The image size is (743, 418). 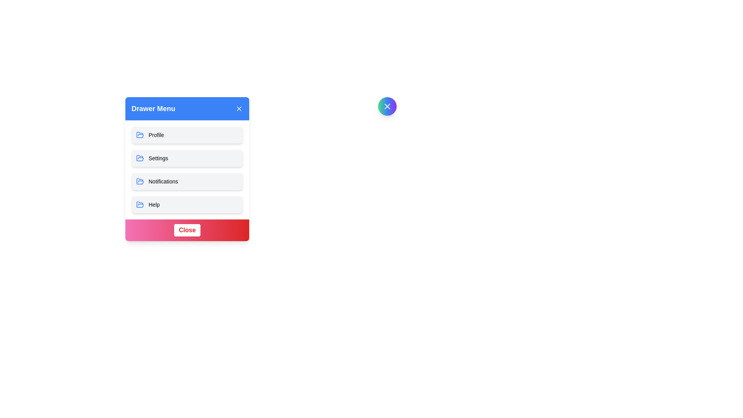 I want to click on the close button located centrally in the header of the drawer, so click(x=387, y=106).